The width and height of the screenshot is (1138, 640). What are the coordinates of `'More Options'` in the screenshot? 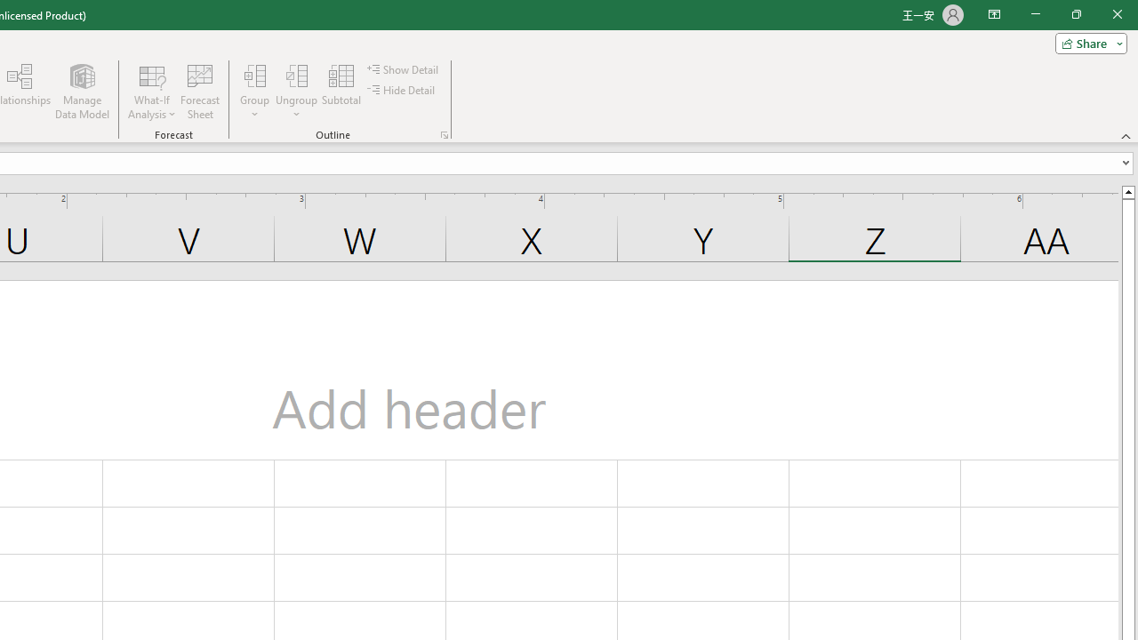 It's located at (297, 108).